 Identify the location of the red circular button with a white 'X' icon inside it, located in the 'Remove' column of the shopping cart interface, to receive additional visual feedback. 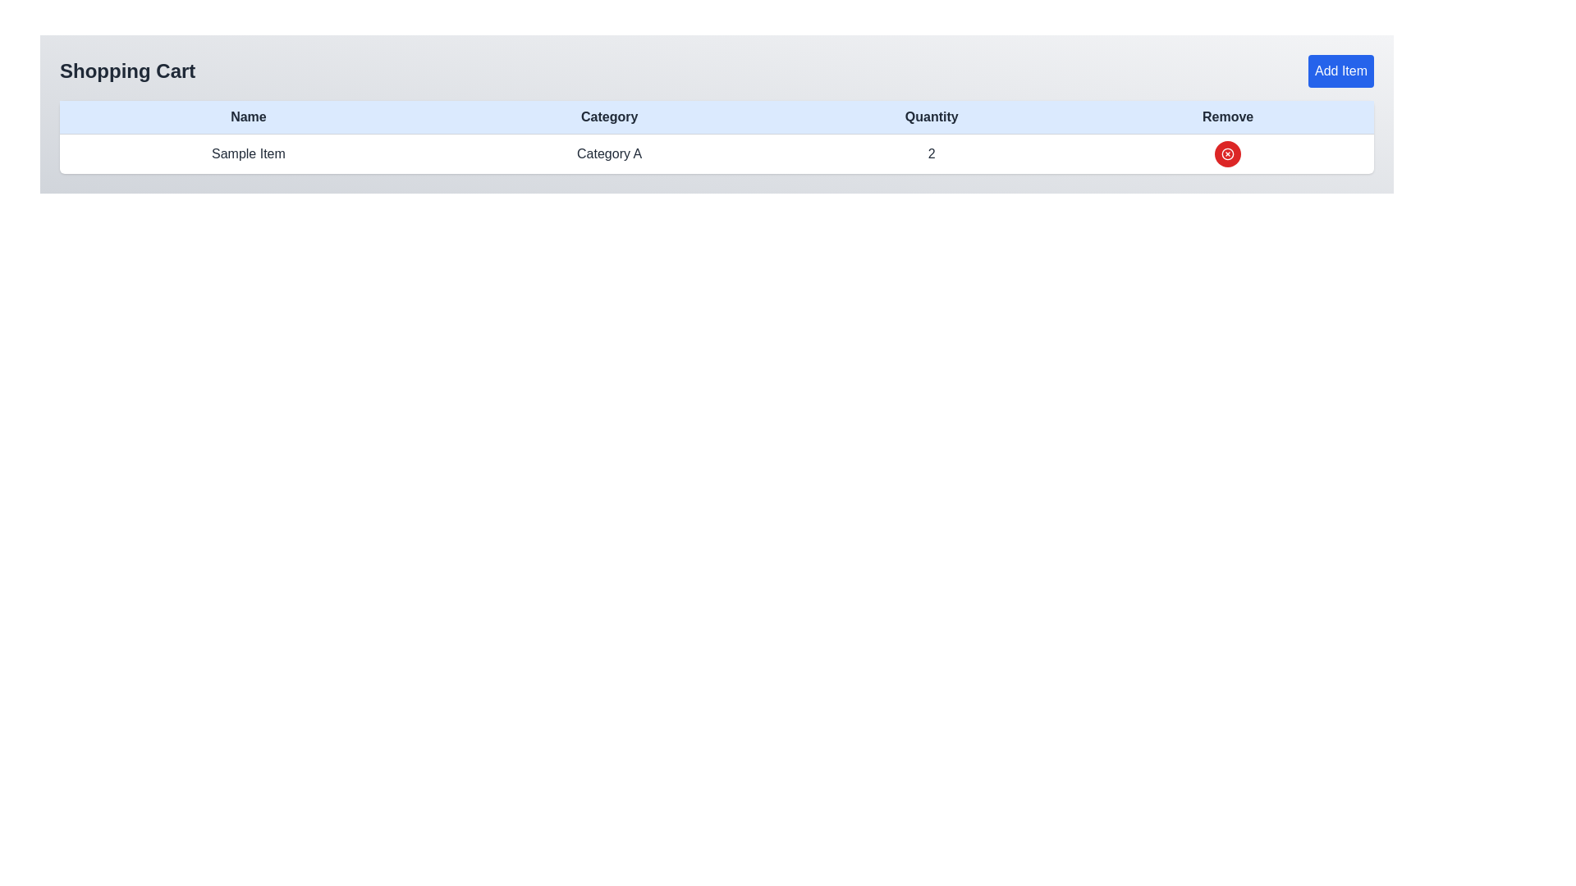
(1228, 154).